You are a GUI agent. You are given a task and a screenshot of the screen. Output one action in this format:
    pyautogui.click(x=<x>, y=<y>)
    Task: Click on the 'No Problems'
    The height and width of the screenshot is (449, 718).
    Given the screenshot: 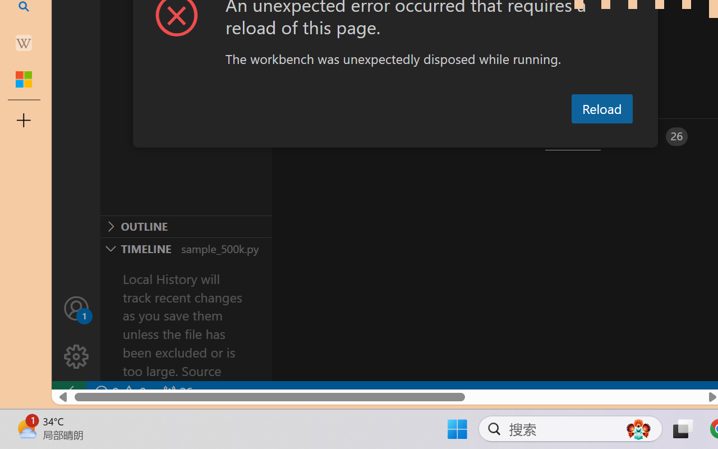 What is the action you would take?
    pyautogui.click(x=119, y=392)
    